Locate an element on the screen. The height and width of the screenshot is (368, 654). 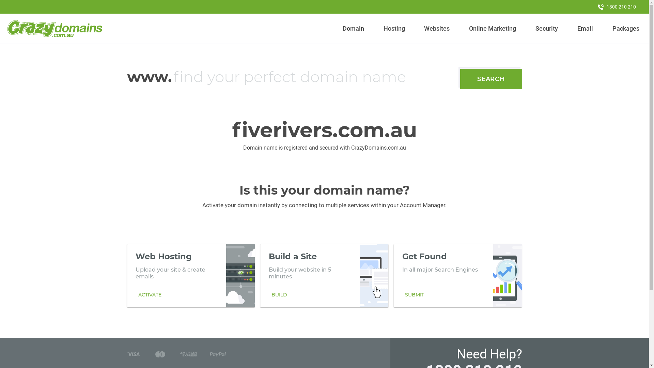
'Packages' is located at coordinates (626, 28).